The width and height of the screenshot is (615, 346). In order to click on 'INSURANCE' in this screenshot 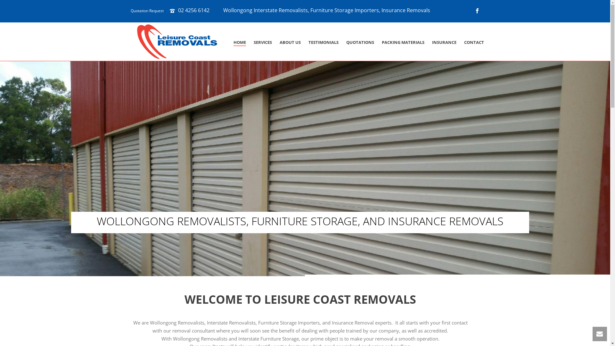, I will do `click(444, 42)`.